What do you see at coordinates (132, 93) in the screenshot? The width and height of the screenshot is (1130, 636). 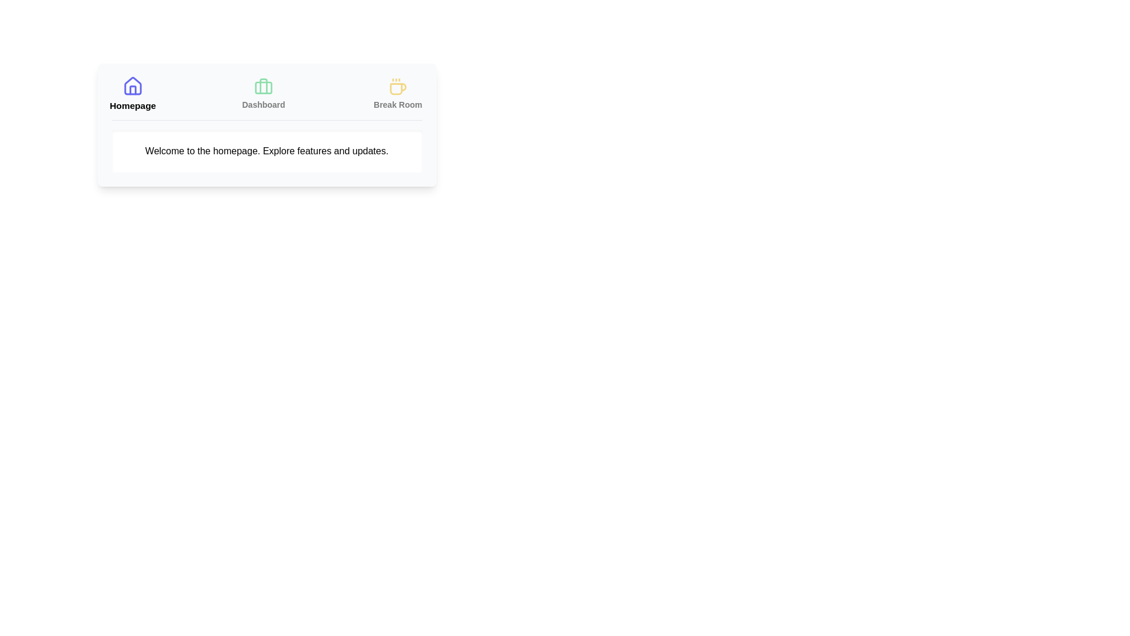 I see `the Homepage tab by clicking its corresponding button` at bounding box center [132, 93].